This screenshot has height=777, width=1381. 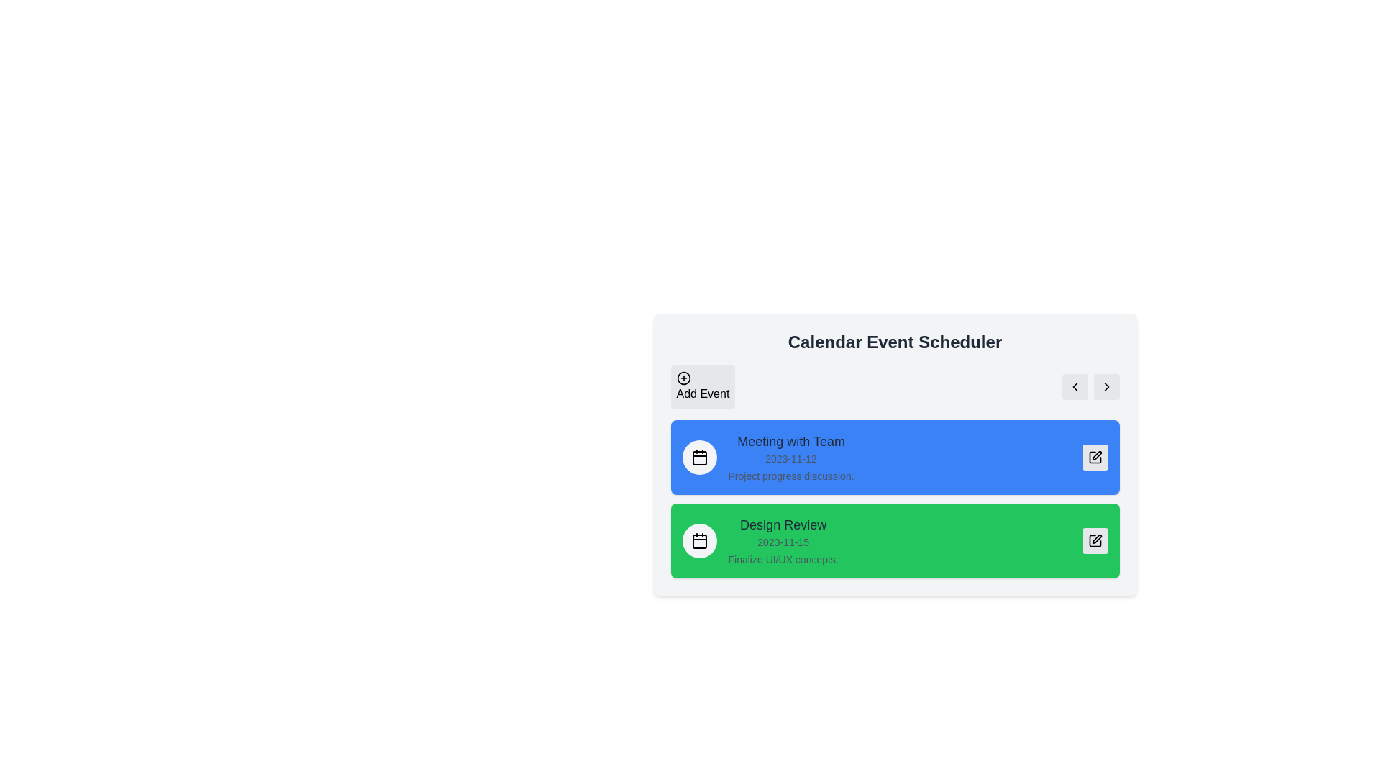 What do you see at coordinates (1094, 541) in the screenshot?
I see `the small square button with a light gray background and a black pencil icon, located in the green background section of the 'Design Review' event block` at bounding box center [1094, 541].